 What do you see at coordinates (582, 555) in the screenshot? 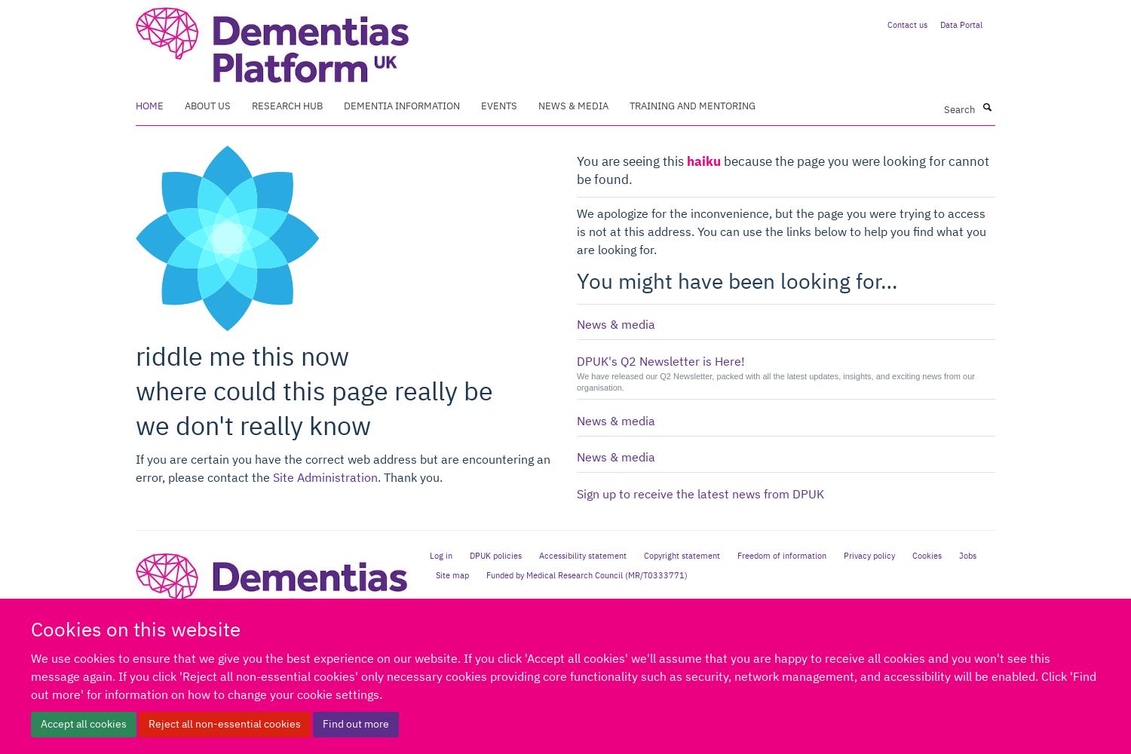
I see `'Accessibility statement'` at bounding box center [582, 555].